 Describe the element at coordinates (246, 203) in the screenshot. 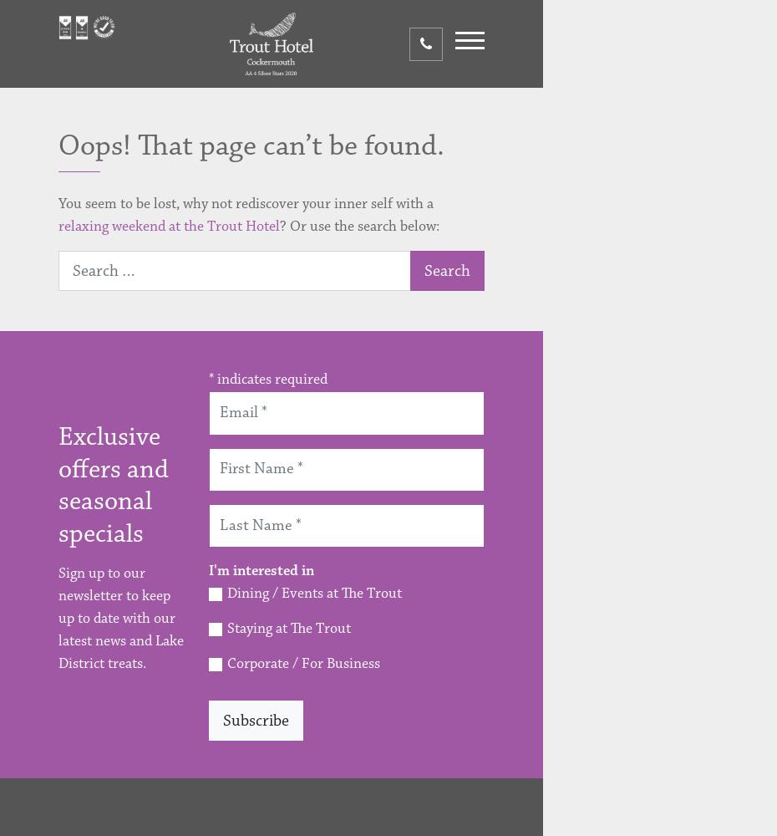

I see `'You seem to be lost, why not rediscover your inner self with a'` at that location.